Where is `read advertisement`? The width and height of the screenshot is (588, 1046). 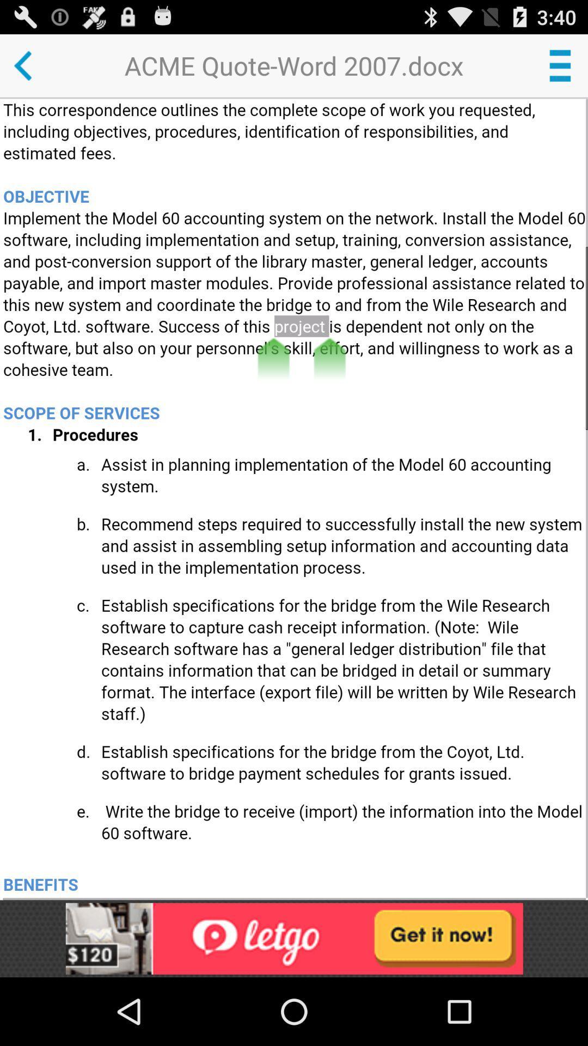
read advertisement is located at coordinates (294, 938).